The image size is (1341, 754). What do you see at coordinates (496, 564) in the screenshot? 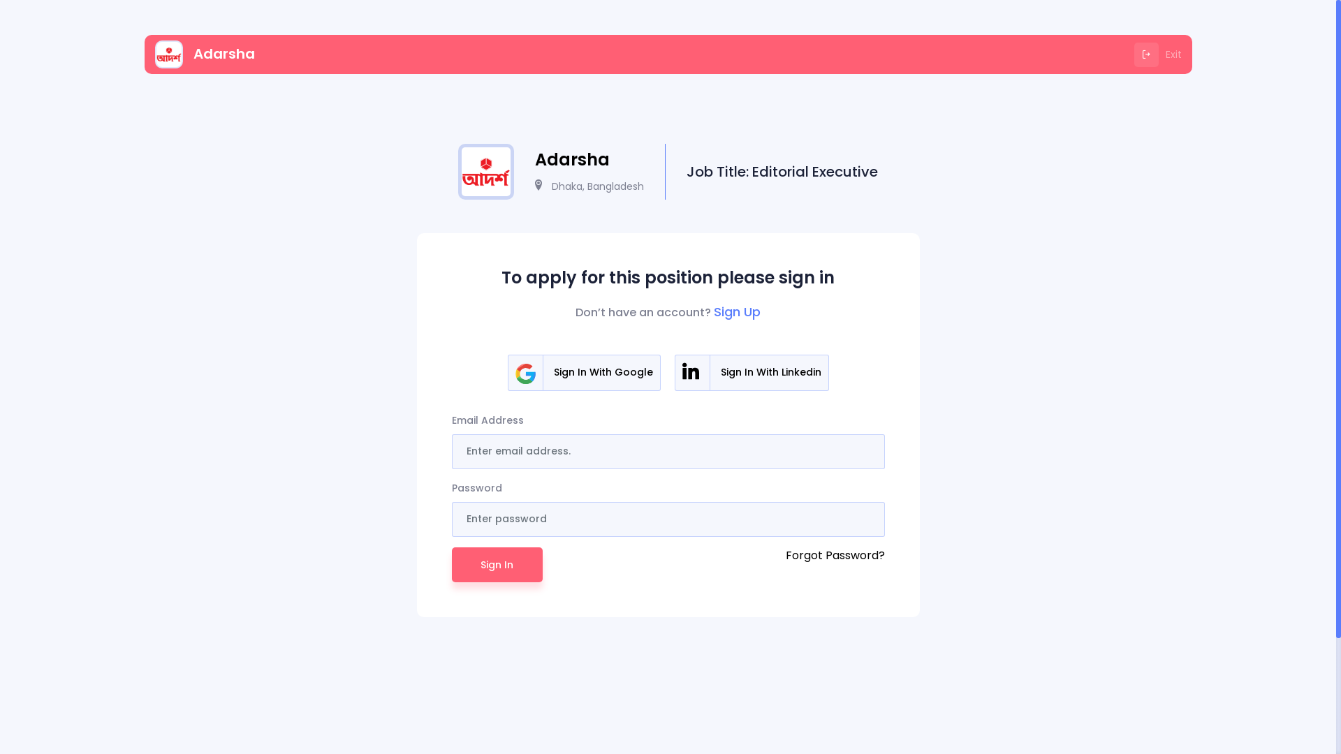
I see `'Sign In'` at bounding box center [496, 564].